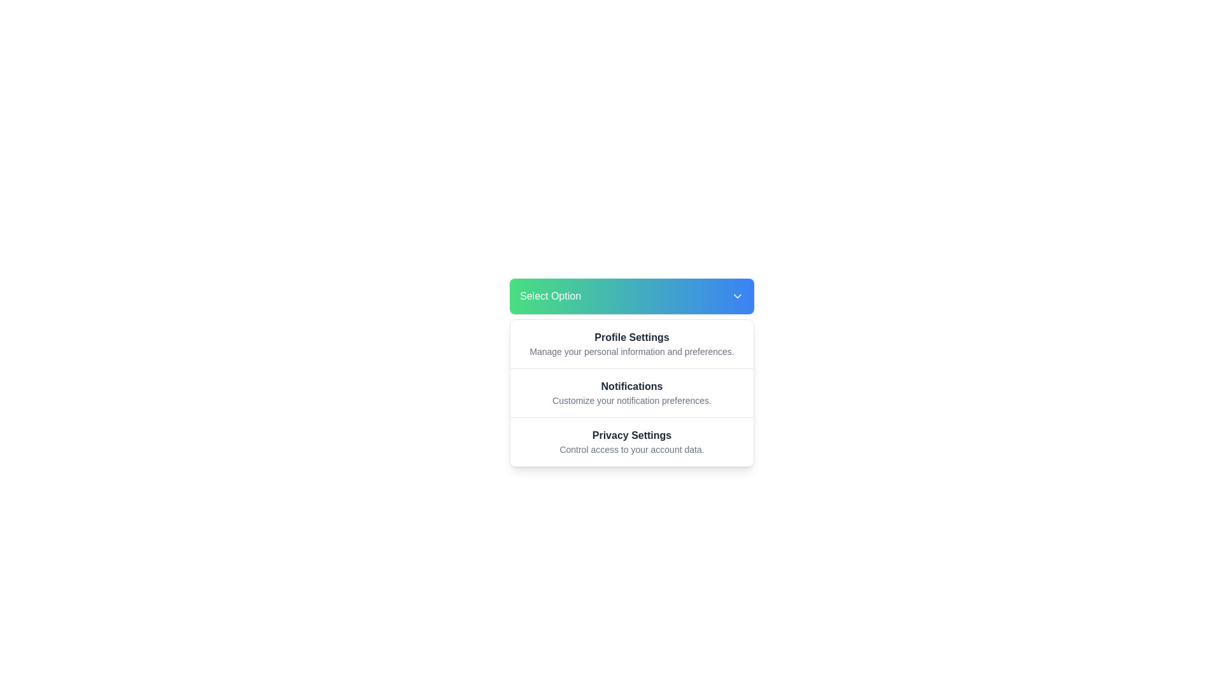 Image resolution: width=1222 pixels, height=687 pixels. What do you see at coordinates (632, 392) in the screenshot?
I see `the highlighted 'Notifications' option in the interactive list item` at bounding box center [632, 392].